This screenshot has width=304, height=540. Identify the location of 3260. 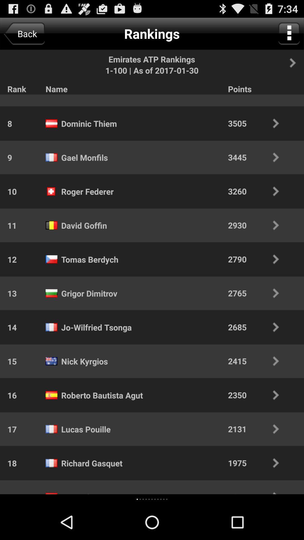
(257, 191).